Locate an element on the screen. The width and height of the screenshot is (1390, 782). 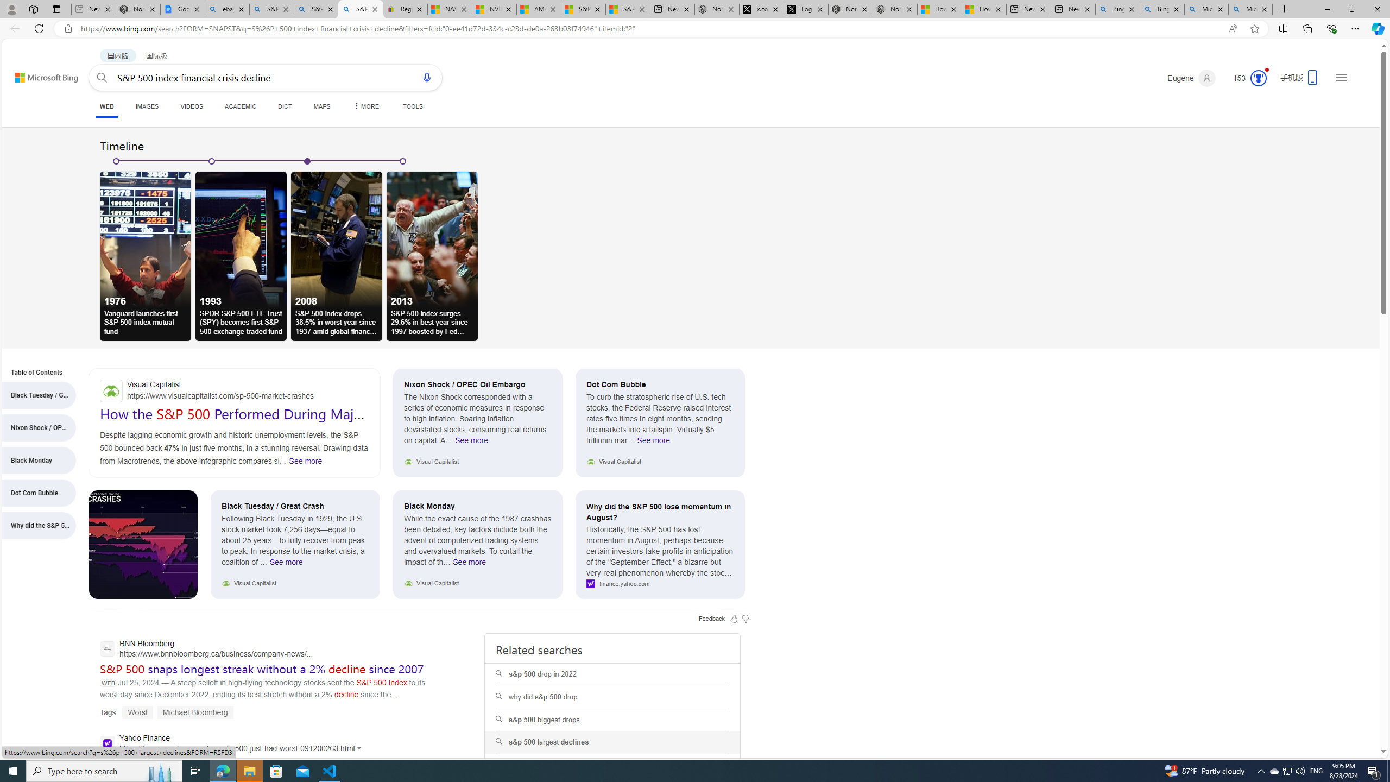
'Settings and quick links' is located at coordinates (1341, 77).